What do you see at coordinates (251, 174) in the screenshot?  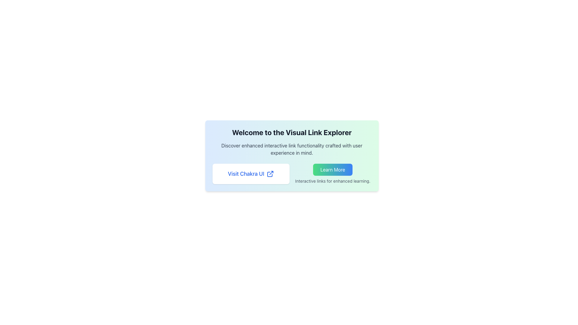 I see `the hyperlink labeled 'Visit Chakra UI' which is styled with rounded corners and contains an external link icon, to observe the hover effects` at bounding box center [251, 174].